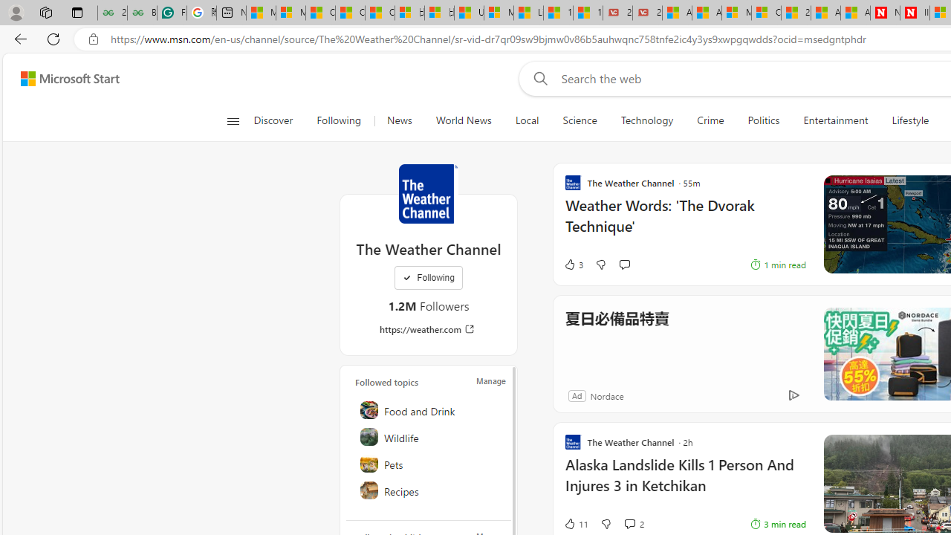  Describe the element at coordinates (914, 13) in the screenshot. I see `'Illness news & latest pictures from Newsweek.com'` at that location.